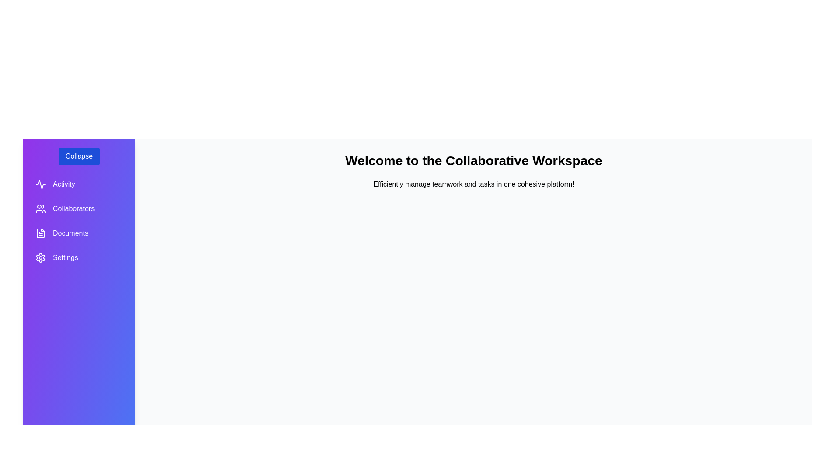 The image size is (840, 472). Describe the element at coordinates (473, 184) in the screenshot. I see `the non-interactive element labeled Efficiently manage teamwork and tasks in one cohesive platform!` at that location.